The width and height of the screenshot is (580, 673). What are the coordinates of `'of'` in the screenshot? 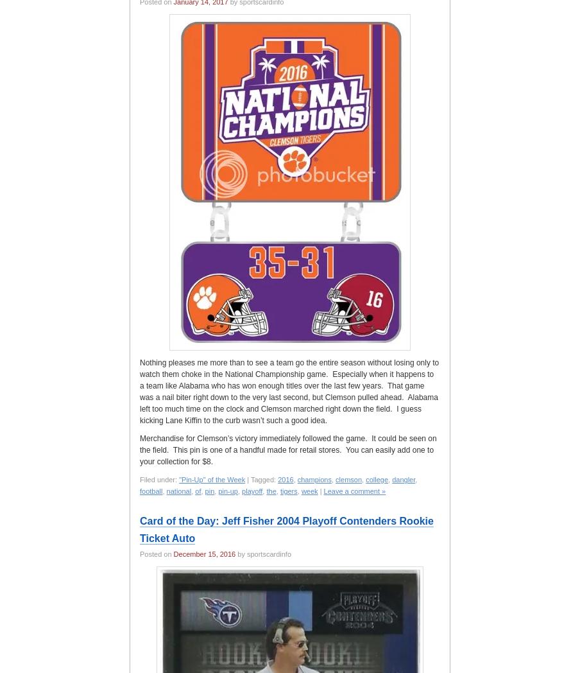 It's located at (195, 491).